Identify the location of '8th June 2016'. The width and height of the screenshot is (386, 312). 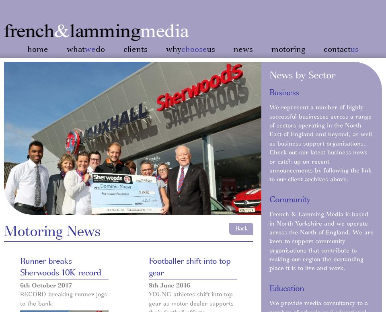
(169, 285).